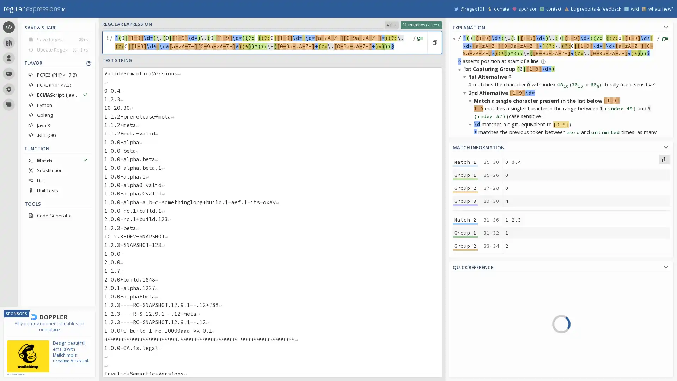 The width and height of the screenshot is (677, 381). I want to click on Collapse Subtree, so click(461, 323).